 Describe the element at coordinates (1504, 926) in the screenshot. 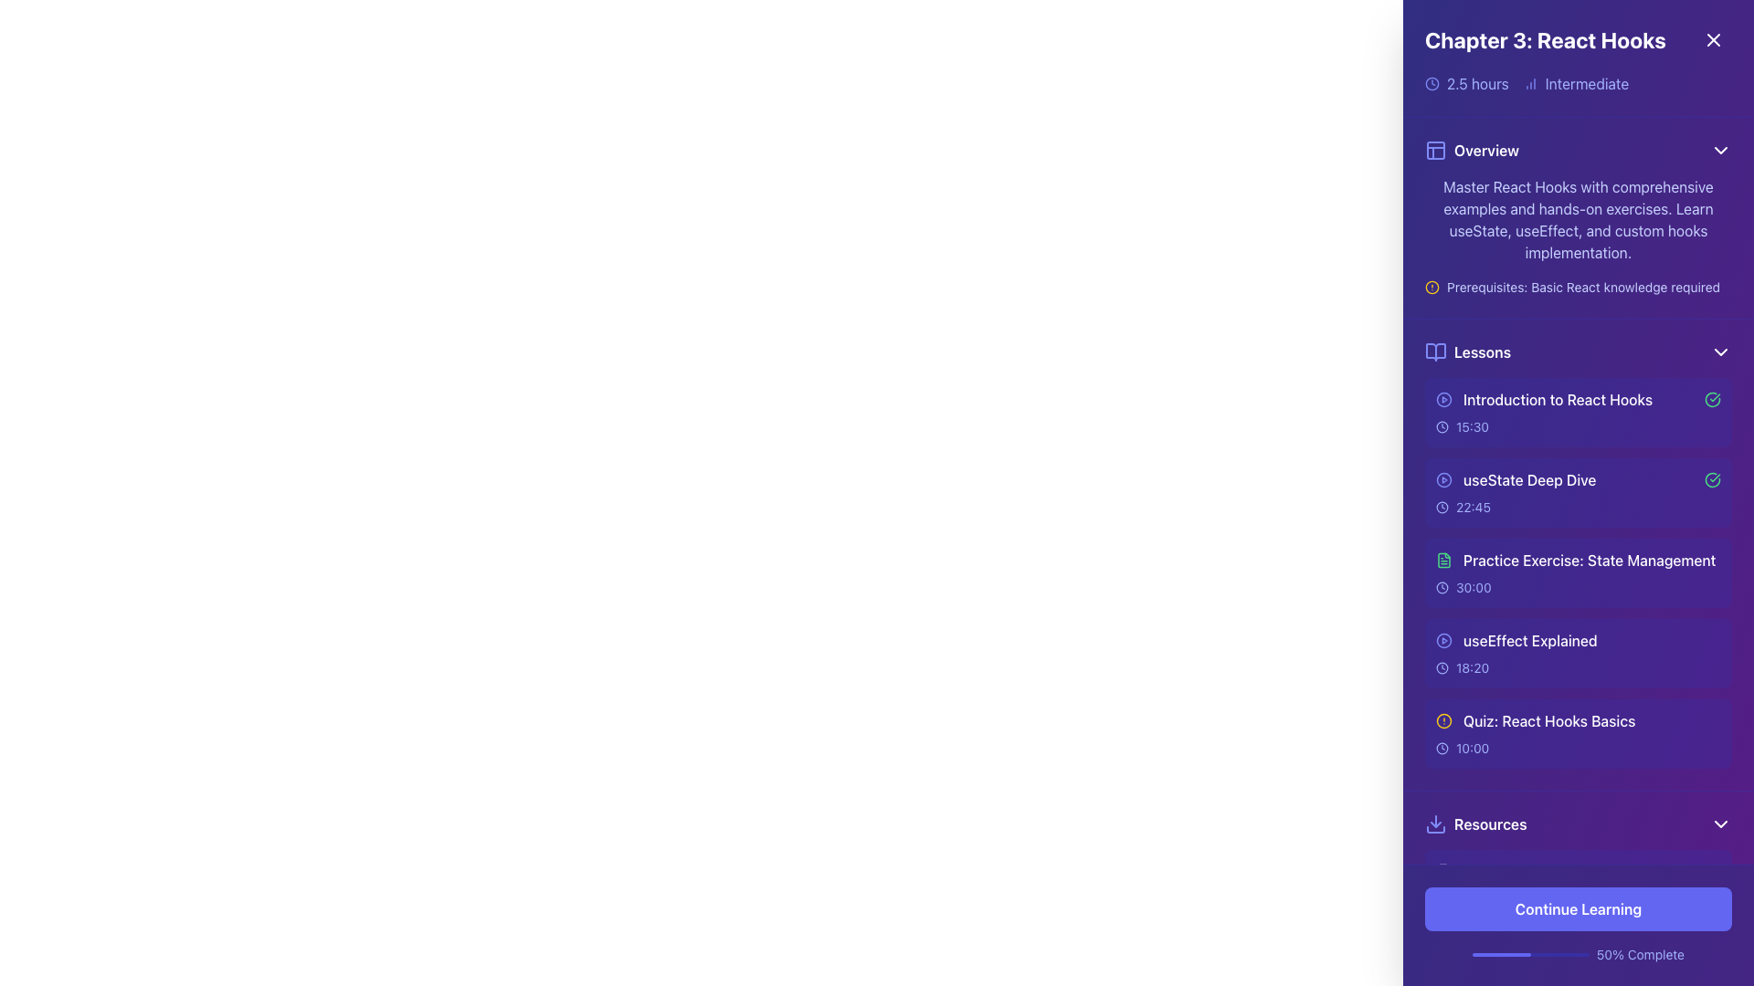

I see `the text label 'Exercise Files' which indicates downloadable or viewable exercise materials, located at the bottom right of the interface under the 'Resources' section` at that location.